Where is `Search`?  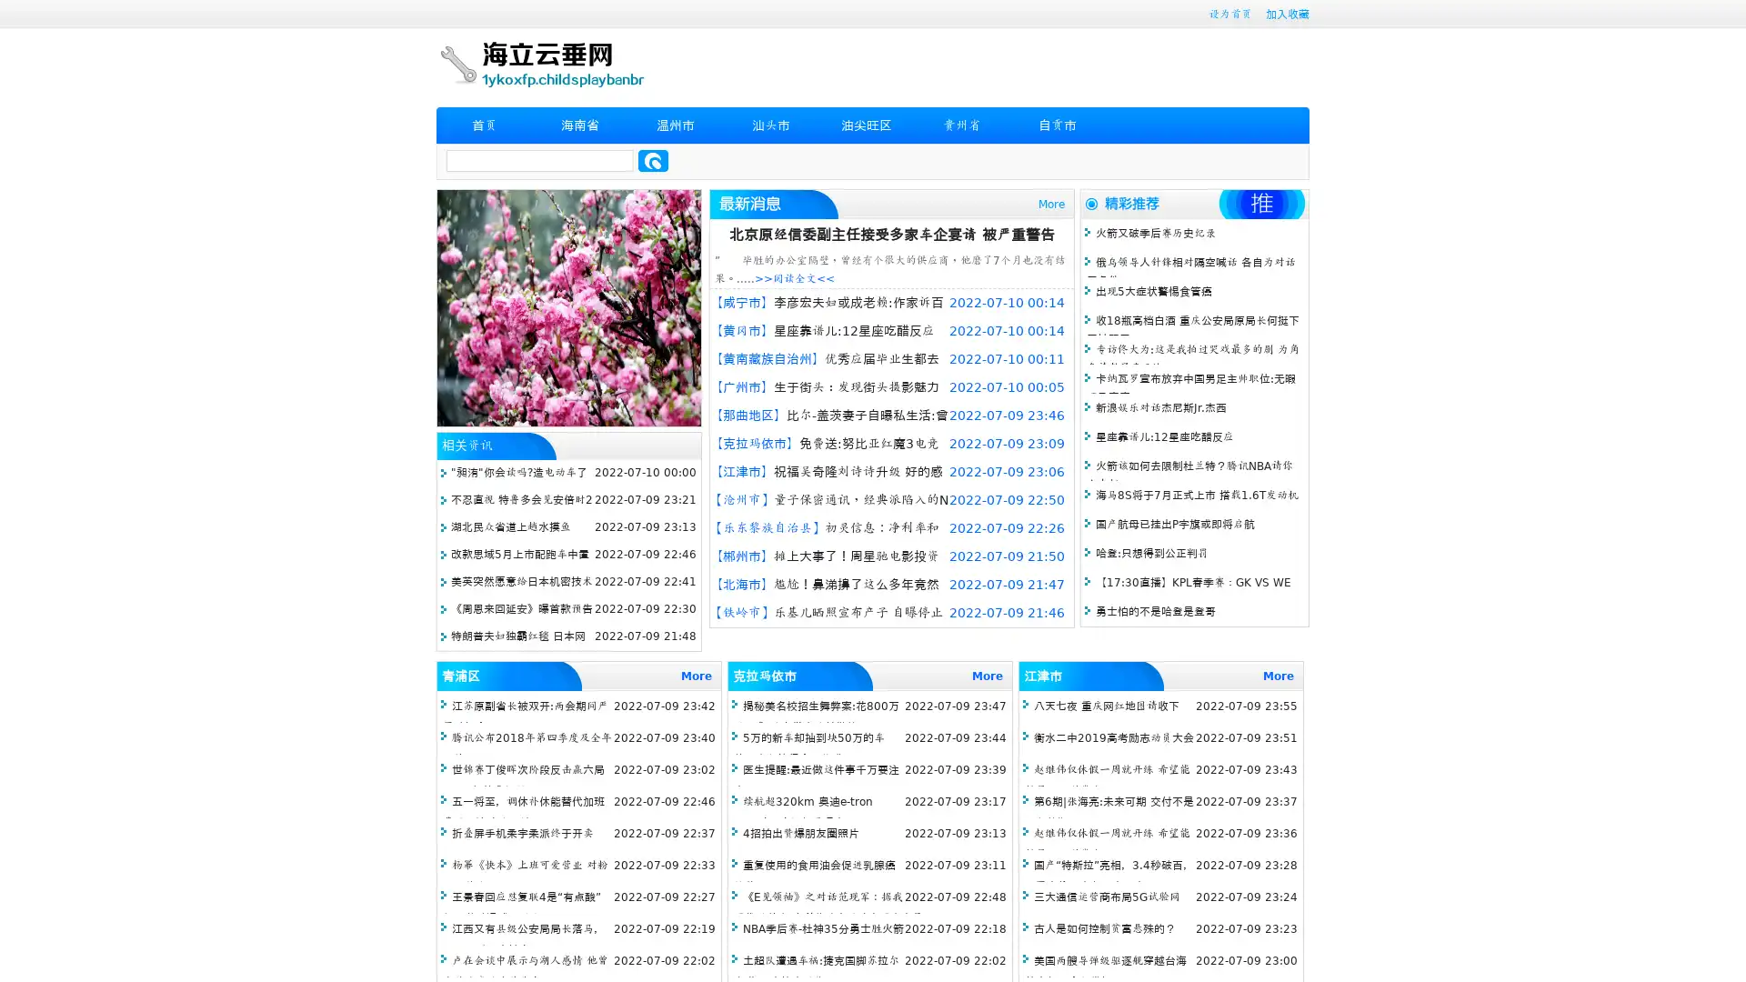 Search is located at coordinates (653, 160).